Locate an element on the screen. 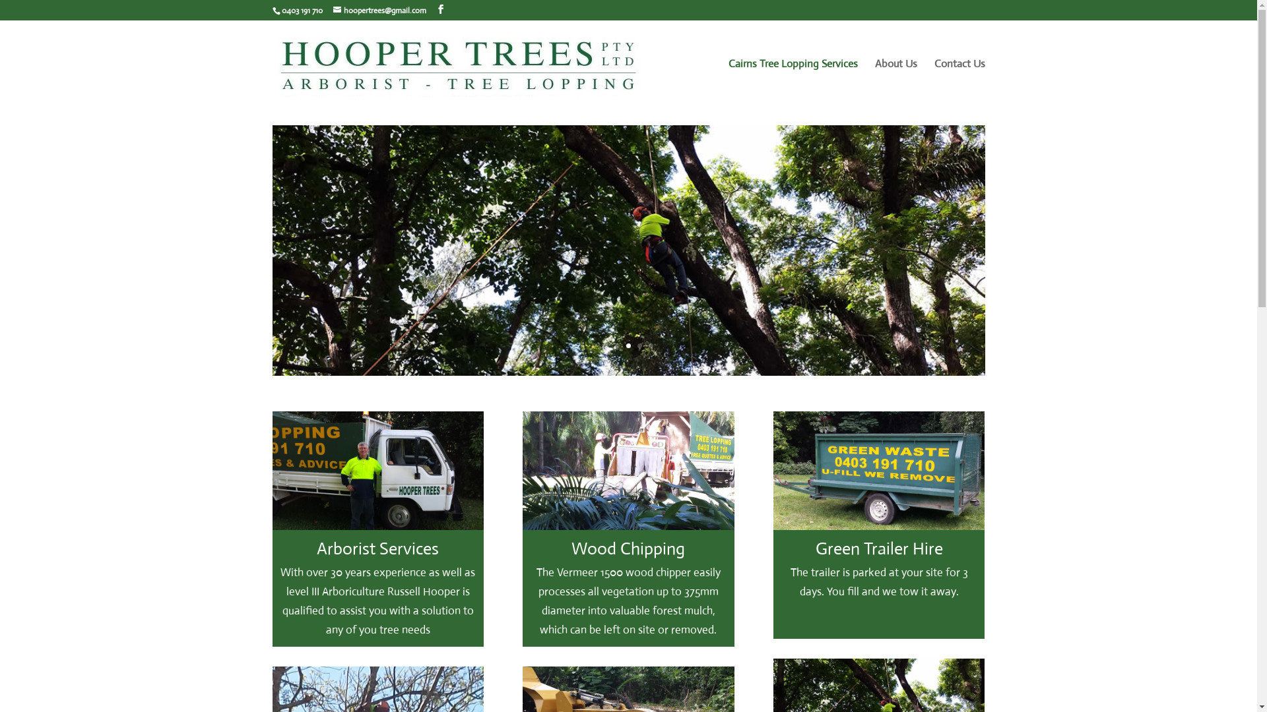  'About Us' is located at coordinates (896, 83).